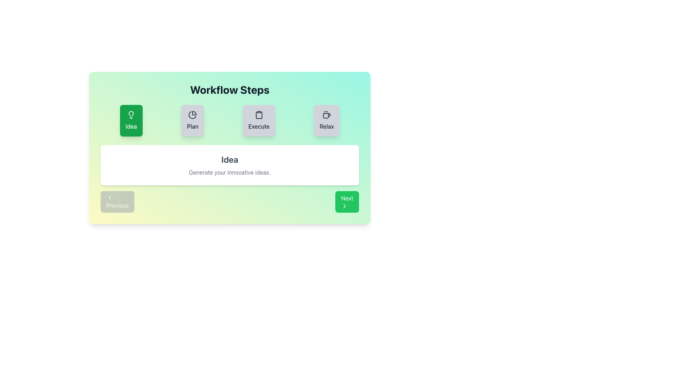 The height and width of the screenshot is (388, 690). I want to click on the 'Plan' button in the workflow sequence to possibly see a tooltip or change the style, so click(193, 120).